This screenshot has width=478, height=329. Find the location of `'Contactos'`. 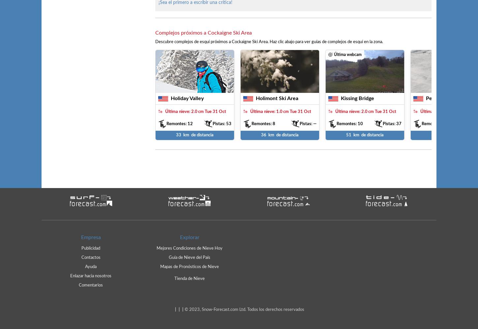

'Contactos' is located at coordinates (91, 257).